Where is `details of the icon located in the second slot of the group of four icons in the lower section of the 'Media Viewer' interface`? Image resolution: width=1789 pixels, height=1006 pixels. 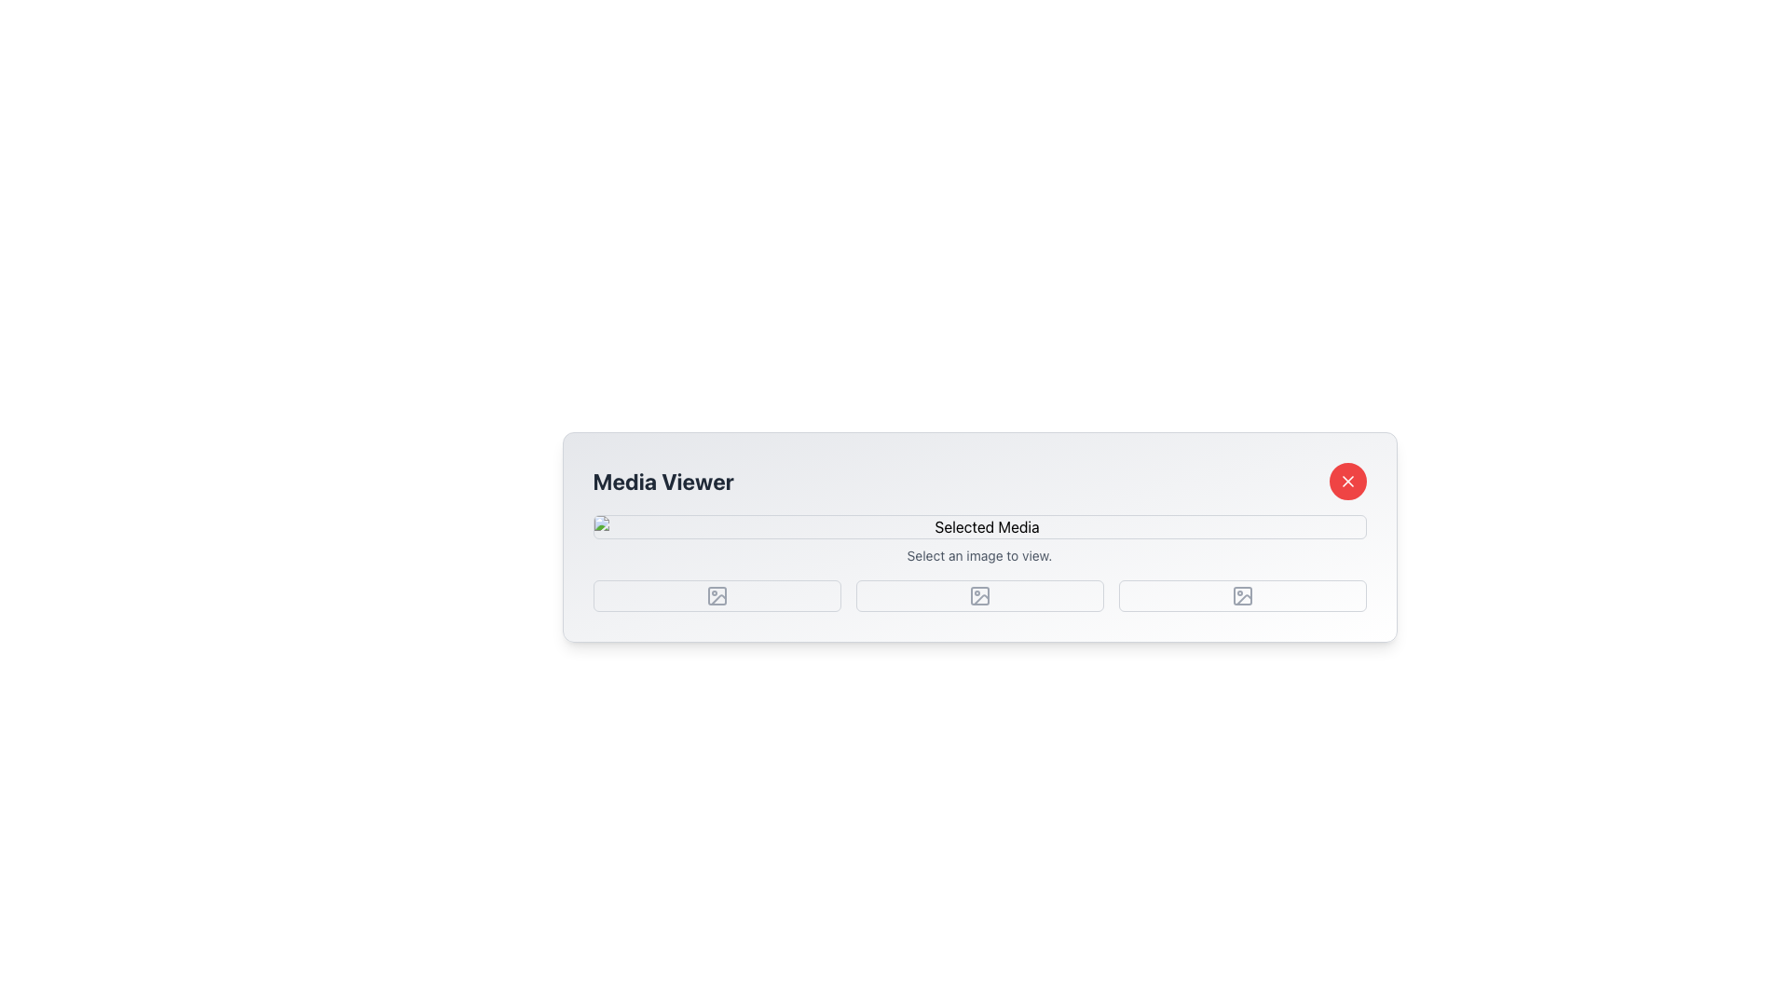
details of the icon located in the second slot of the group of four icons in the lower section of the 'Media Viewer' interface is located at coordinates (716, 596).